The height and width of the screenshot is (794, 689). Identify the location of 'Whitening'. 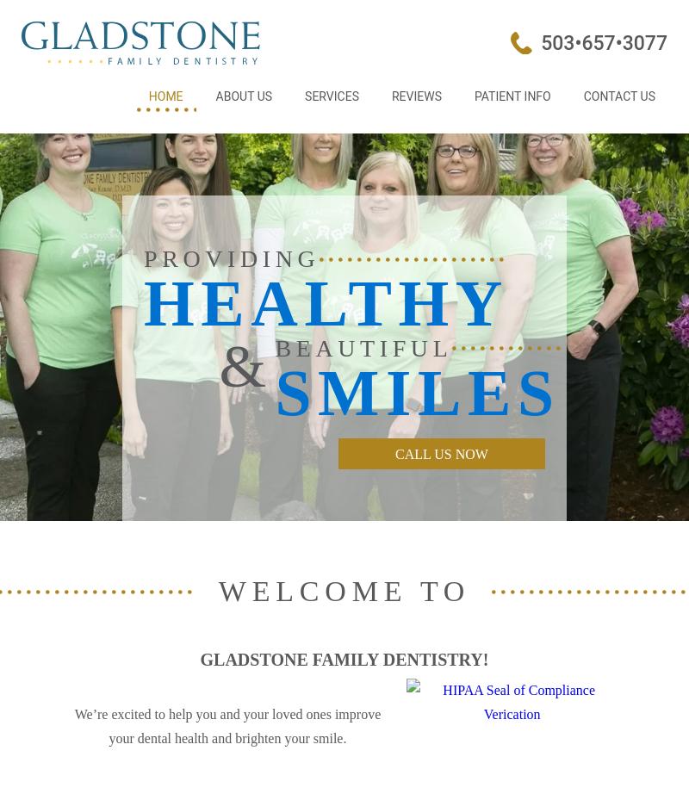
(336, 337).